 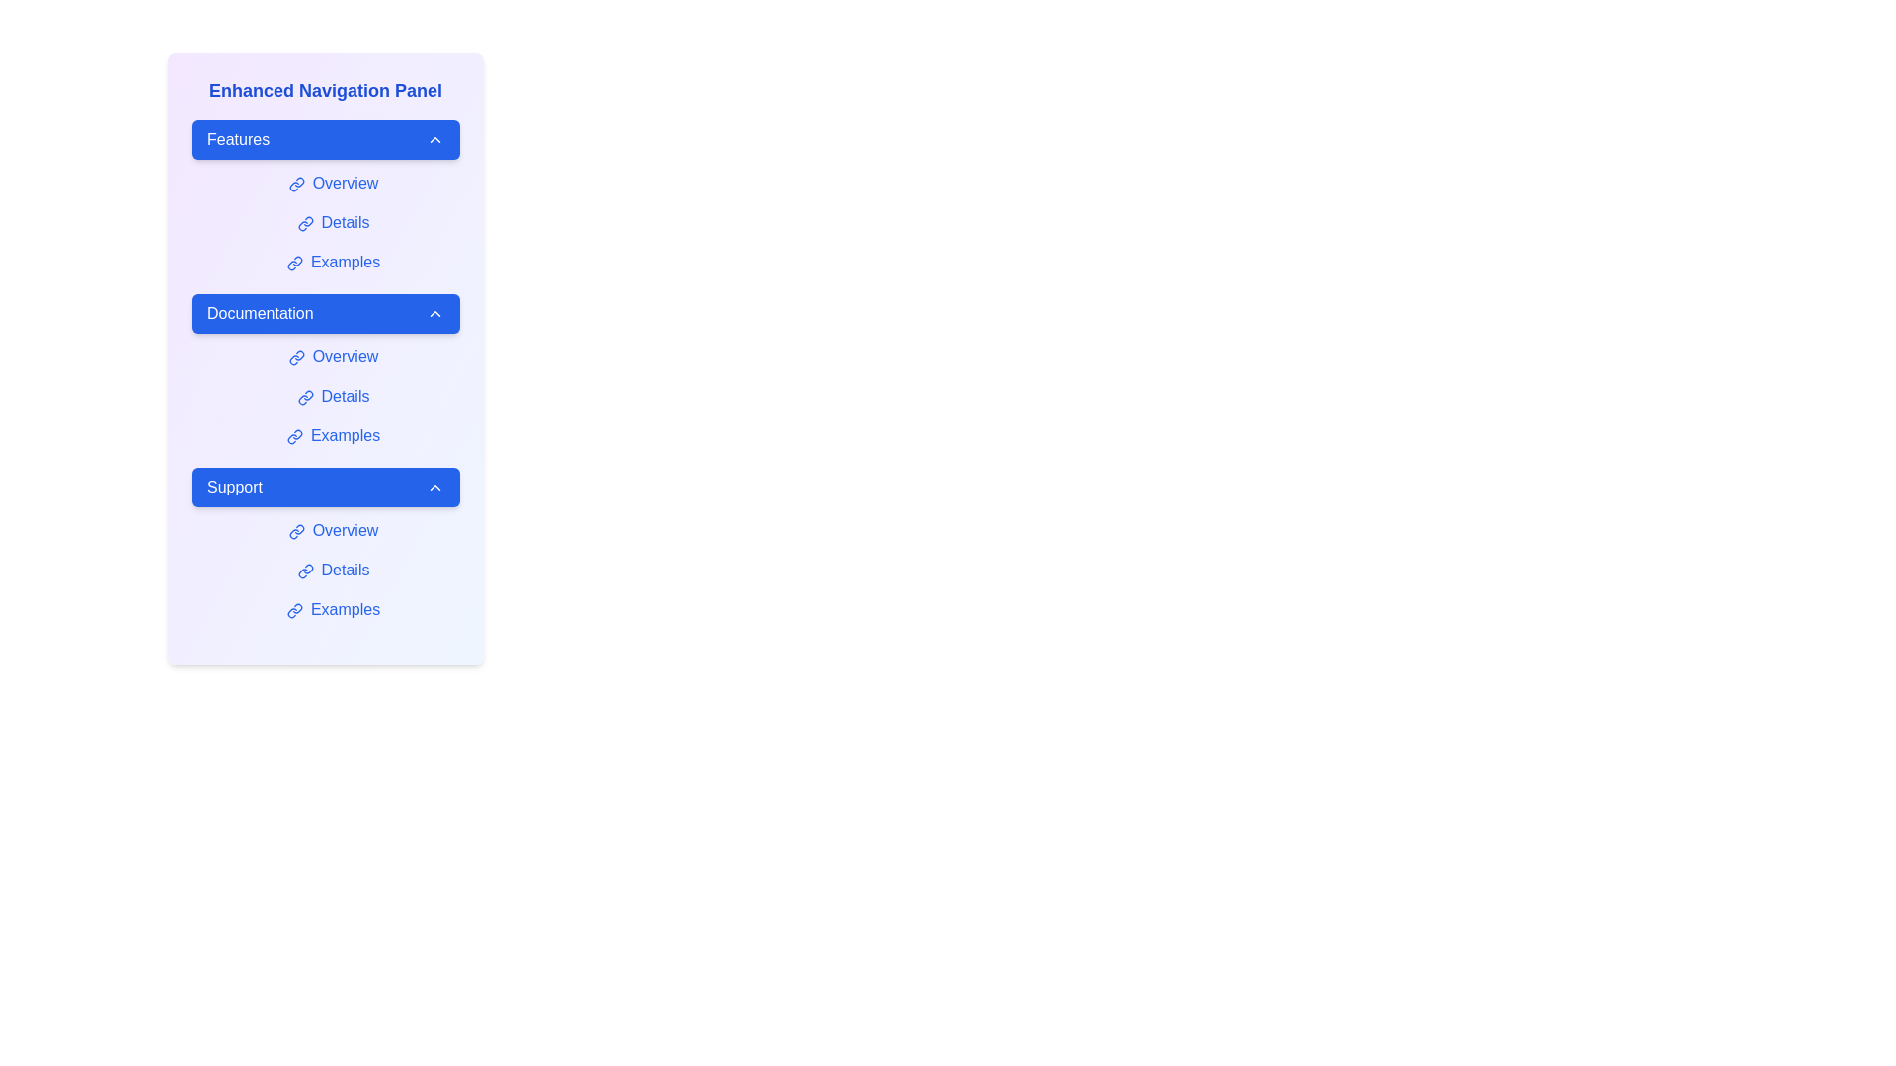 What do you see at coordinates (293, 609) in the screenshot?
I see `the blue chain link SVG icon located inline before the 'Examples' text in the Support section of the menu` at bounding box center [293, 609].